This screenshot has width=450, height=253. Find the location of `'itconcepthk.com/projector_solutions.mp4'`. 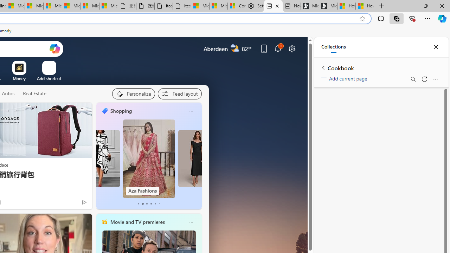

'itconcepthk.com/projector_solutions.mp4' is located at coordinates (182, 6).